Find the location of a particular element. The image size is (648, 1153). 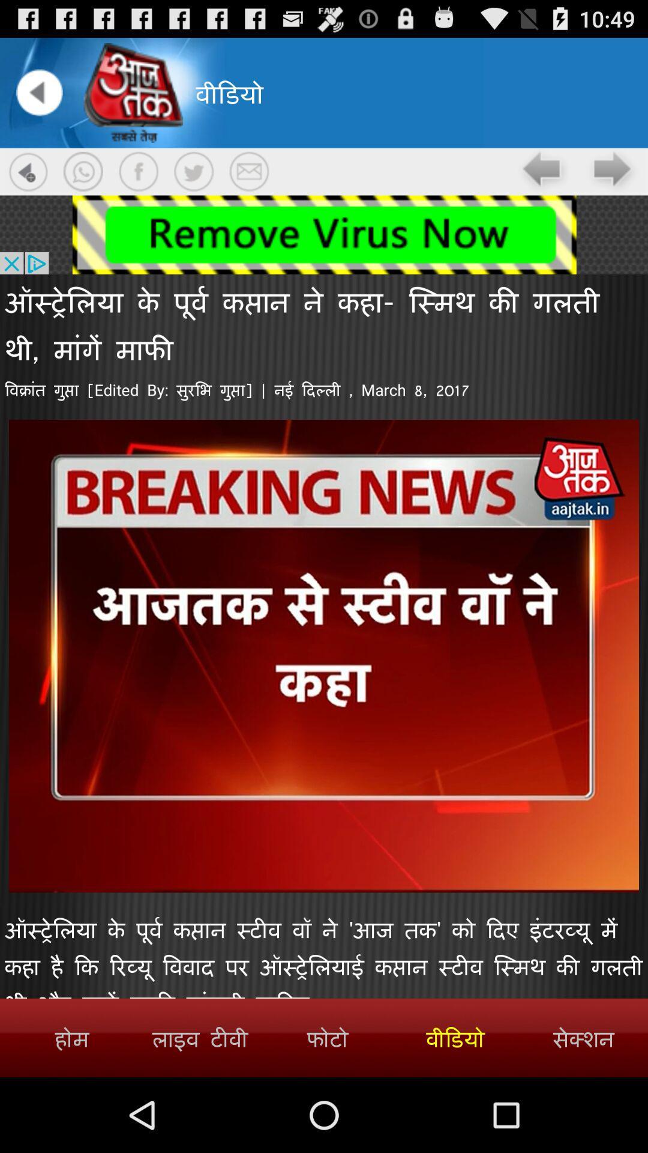

the arrow_backward icon is located at coordinates (544, 183).